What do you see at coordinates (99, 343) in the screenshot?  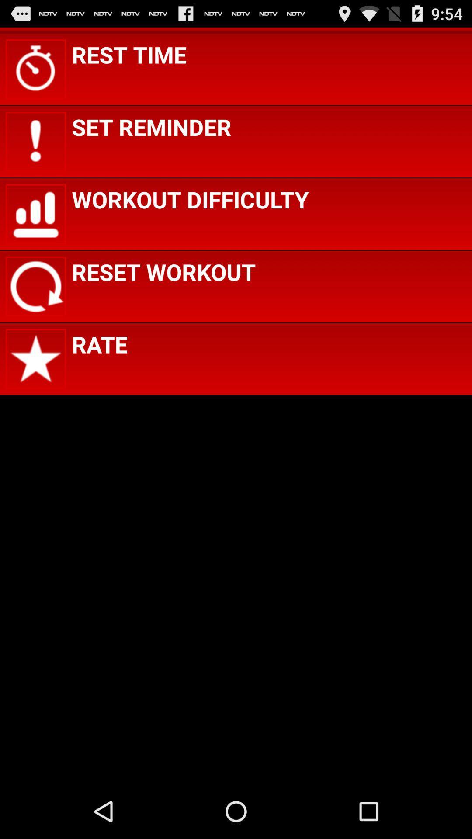 I see `the app below the reset workout item` at bounding box center [99, 343].